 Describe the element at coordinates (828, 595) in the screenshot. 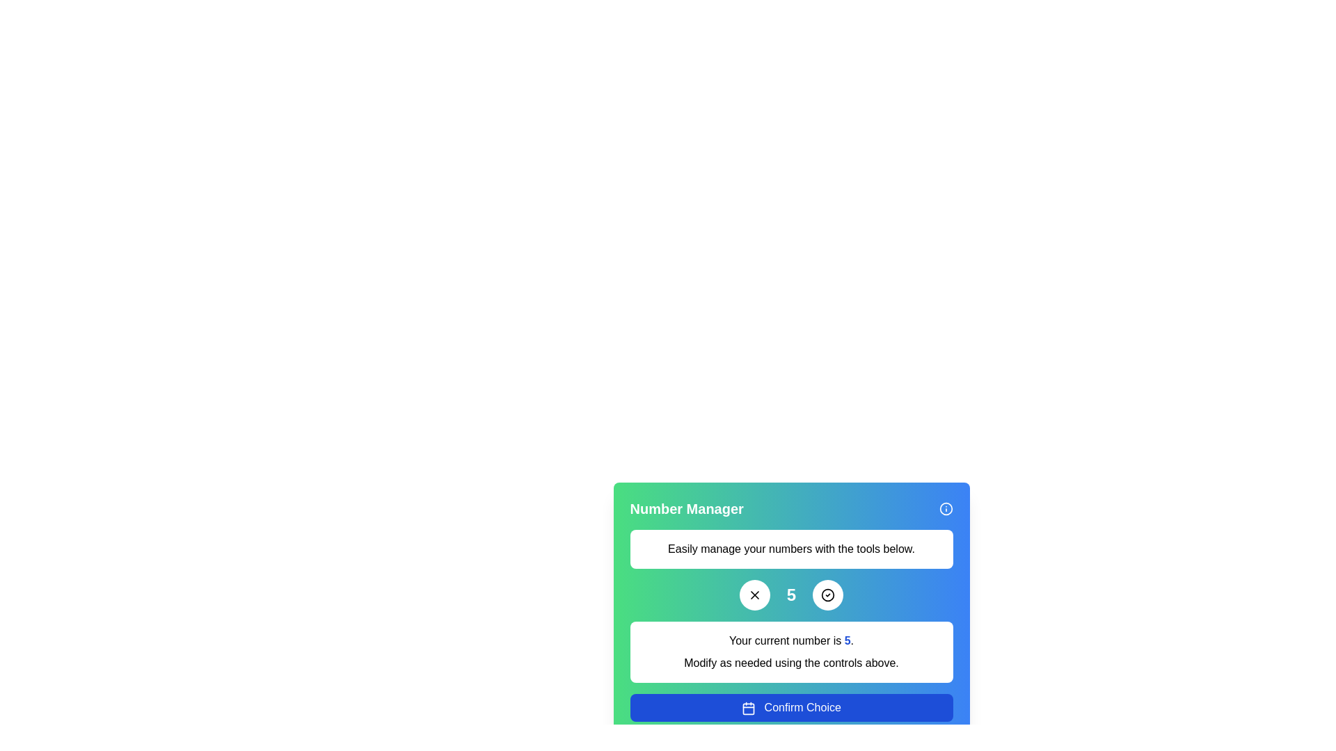

I see `the confirmation button with a checkmark icon, located to the right of the button with a cross icon and the text '5', to confirm or select` at that location.